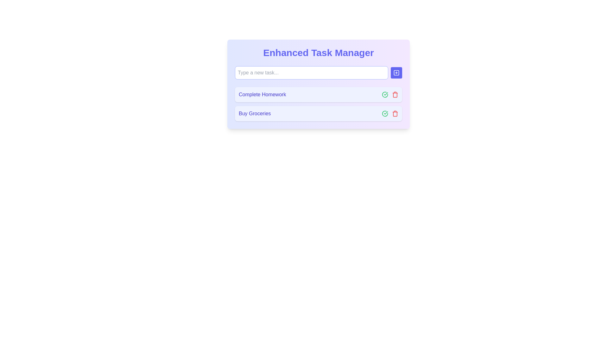 This screenshot has width=608, height=342. Describe the element at coordinates (396, 73) in the screenshot. I see `the 'add' icon located at the center of the purple button` at that location.